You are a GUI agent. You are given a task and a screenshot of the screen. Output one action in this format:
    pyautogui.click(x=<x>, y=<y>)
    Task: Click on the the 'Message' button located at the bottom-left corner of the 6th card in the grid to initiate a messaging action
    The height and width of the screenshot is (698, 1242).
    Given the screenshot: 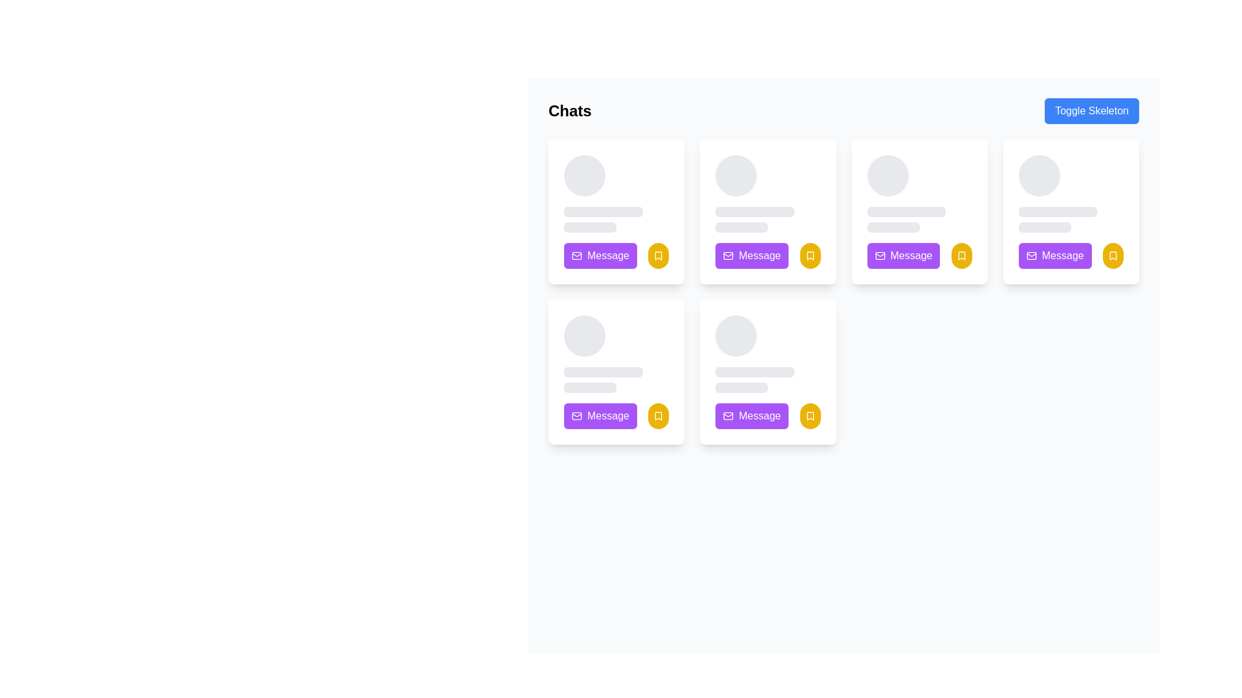 What is the action you would take?
    pyautogui.click(x=752, y=416)
    